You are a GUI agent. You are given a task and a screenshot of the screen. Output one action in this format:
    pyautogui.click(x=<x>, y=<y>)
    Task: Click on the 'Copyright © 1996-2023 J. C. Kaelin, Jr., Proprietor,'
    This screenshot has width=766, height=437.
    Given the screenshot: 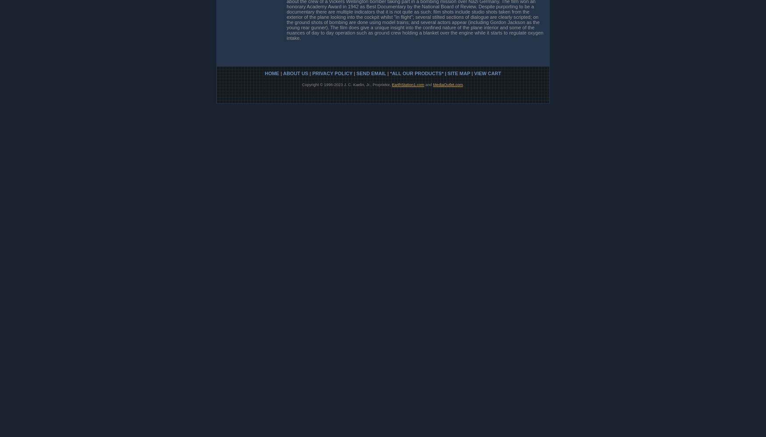 What is the action you would take?
    pyautogui.click(x=346, y=84)
    